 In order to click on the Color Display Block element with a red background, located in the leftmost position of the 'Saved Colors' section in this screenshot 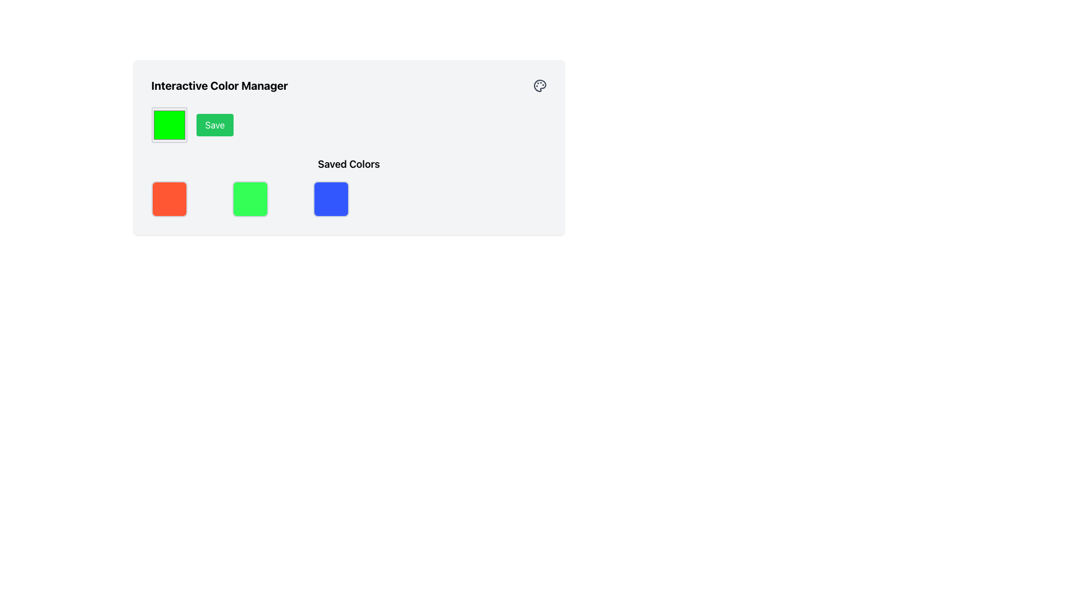, I will do `click(187, 198)`.